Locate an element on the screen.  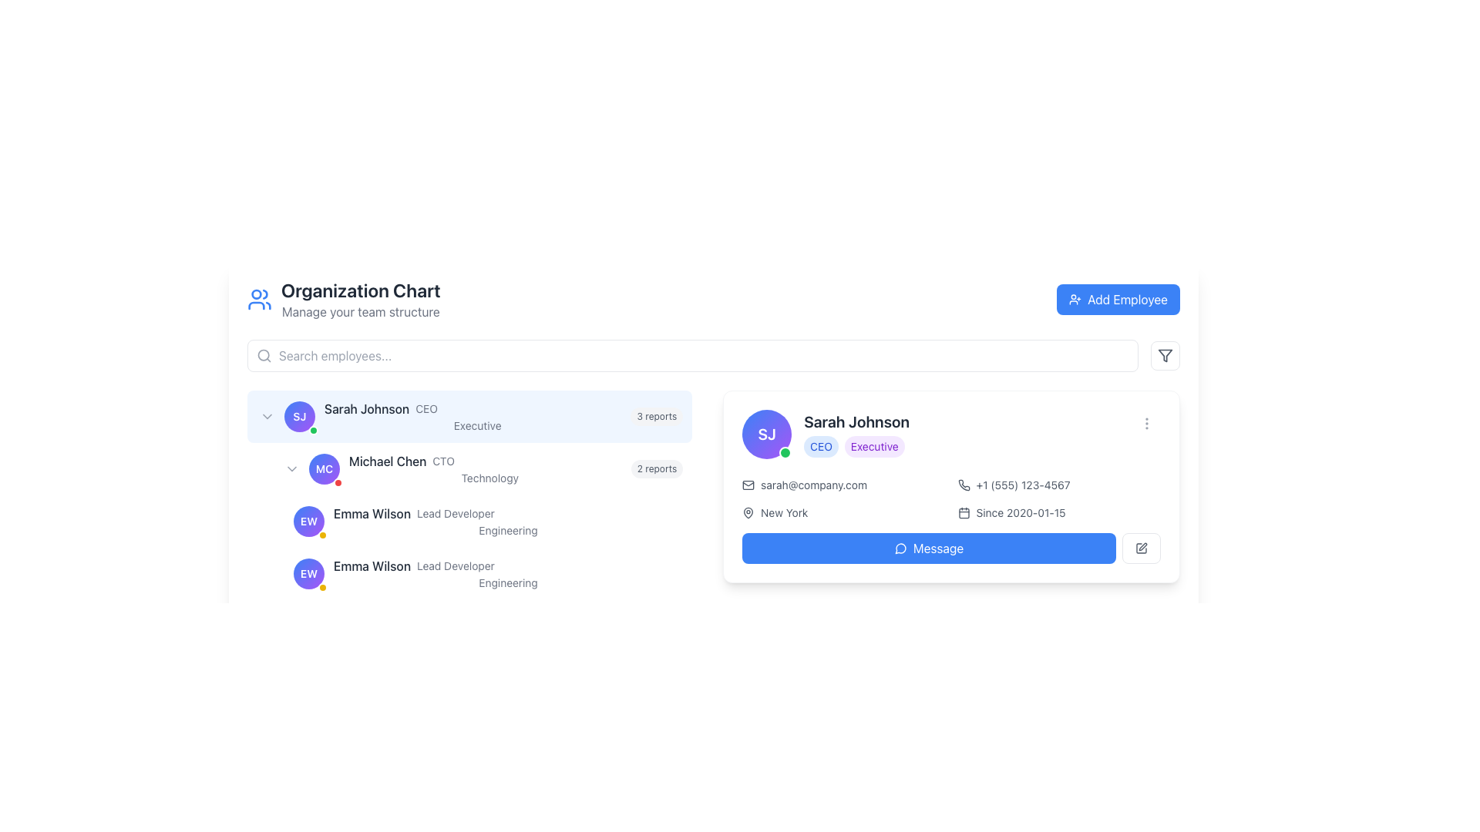
the circular avatar with initials 'MC' that features a gradient background from blue to purple, located in the left pane of the organizational chart, directly to the left of 'Michael Chen' and below 'Sarah Johnson' is located at coordinates (324, 468).